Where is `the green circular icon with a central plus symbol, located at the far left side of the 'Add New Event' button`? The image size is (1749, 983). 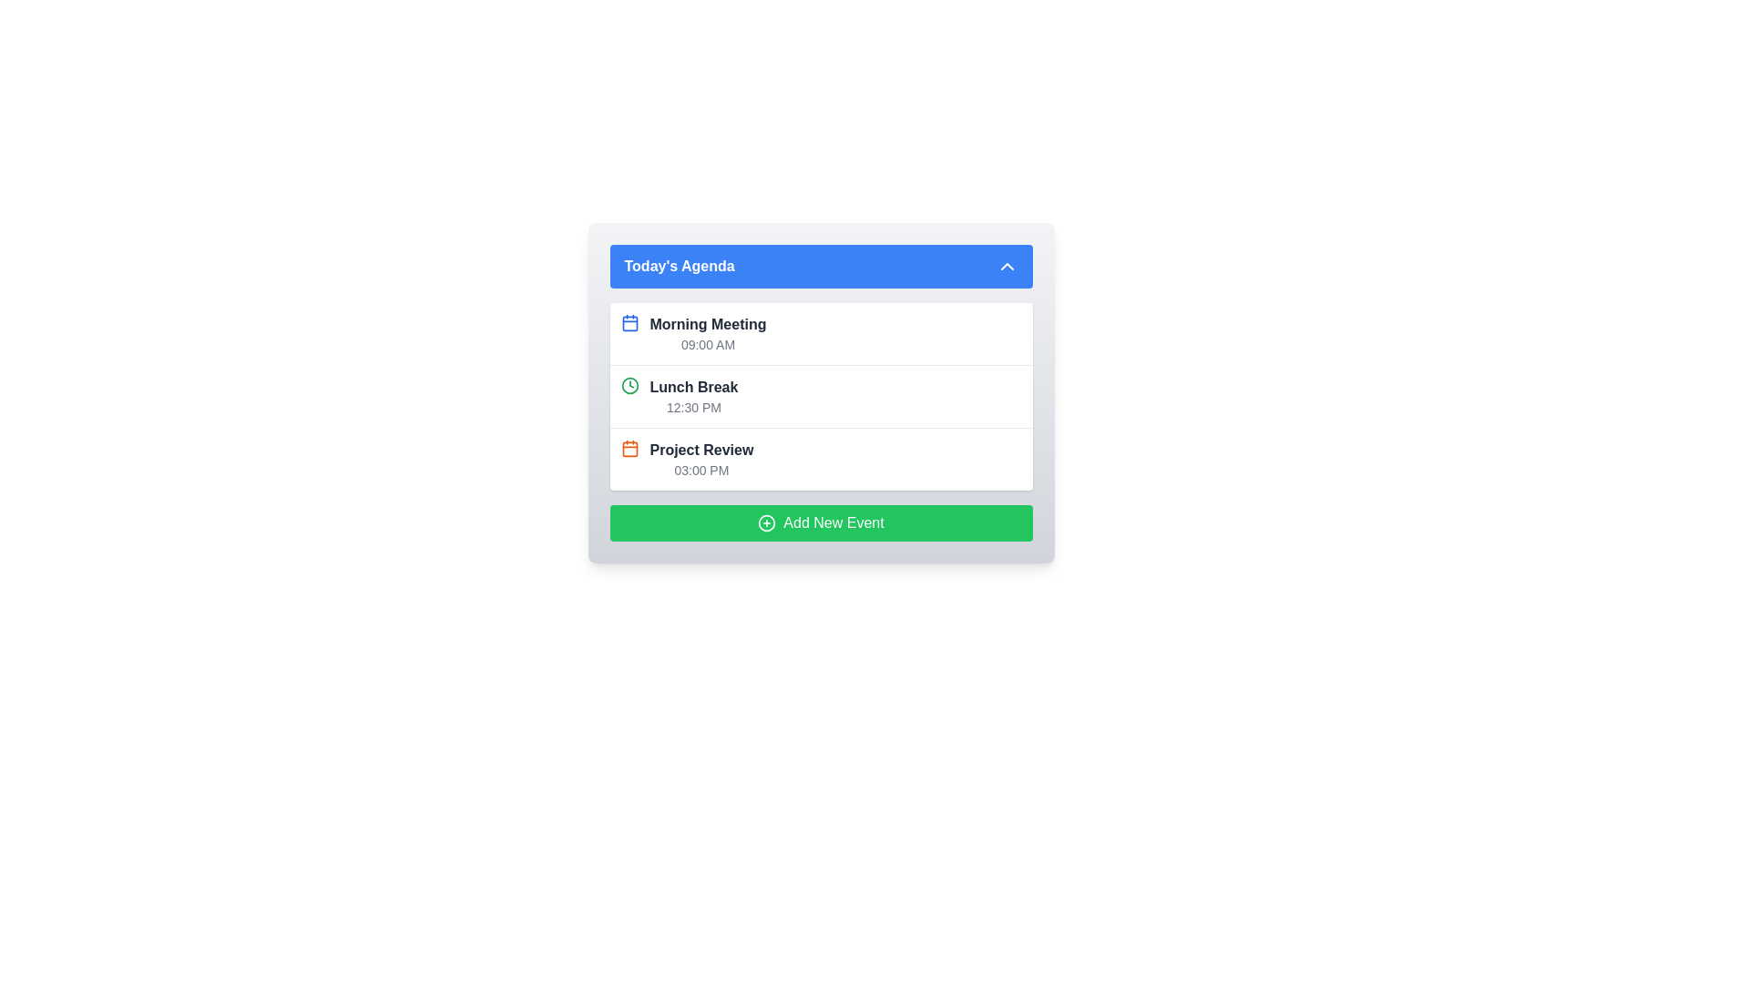
the green circular icon with a central plus symbol, located at the far left side of the 'Add New Event' button is located at coordinates (767, 522).